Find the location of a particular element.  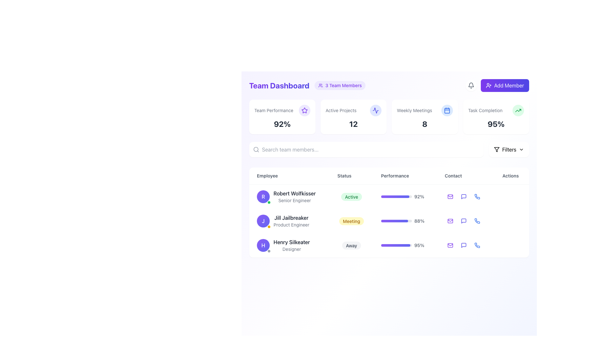

the status indicator label for employee Robert Wolfkisser in the Status column of the Team Dashboard table is located at coordinates (351, 196).